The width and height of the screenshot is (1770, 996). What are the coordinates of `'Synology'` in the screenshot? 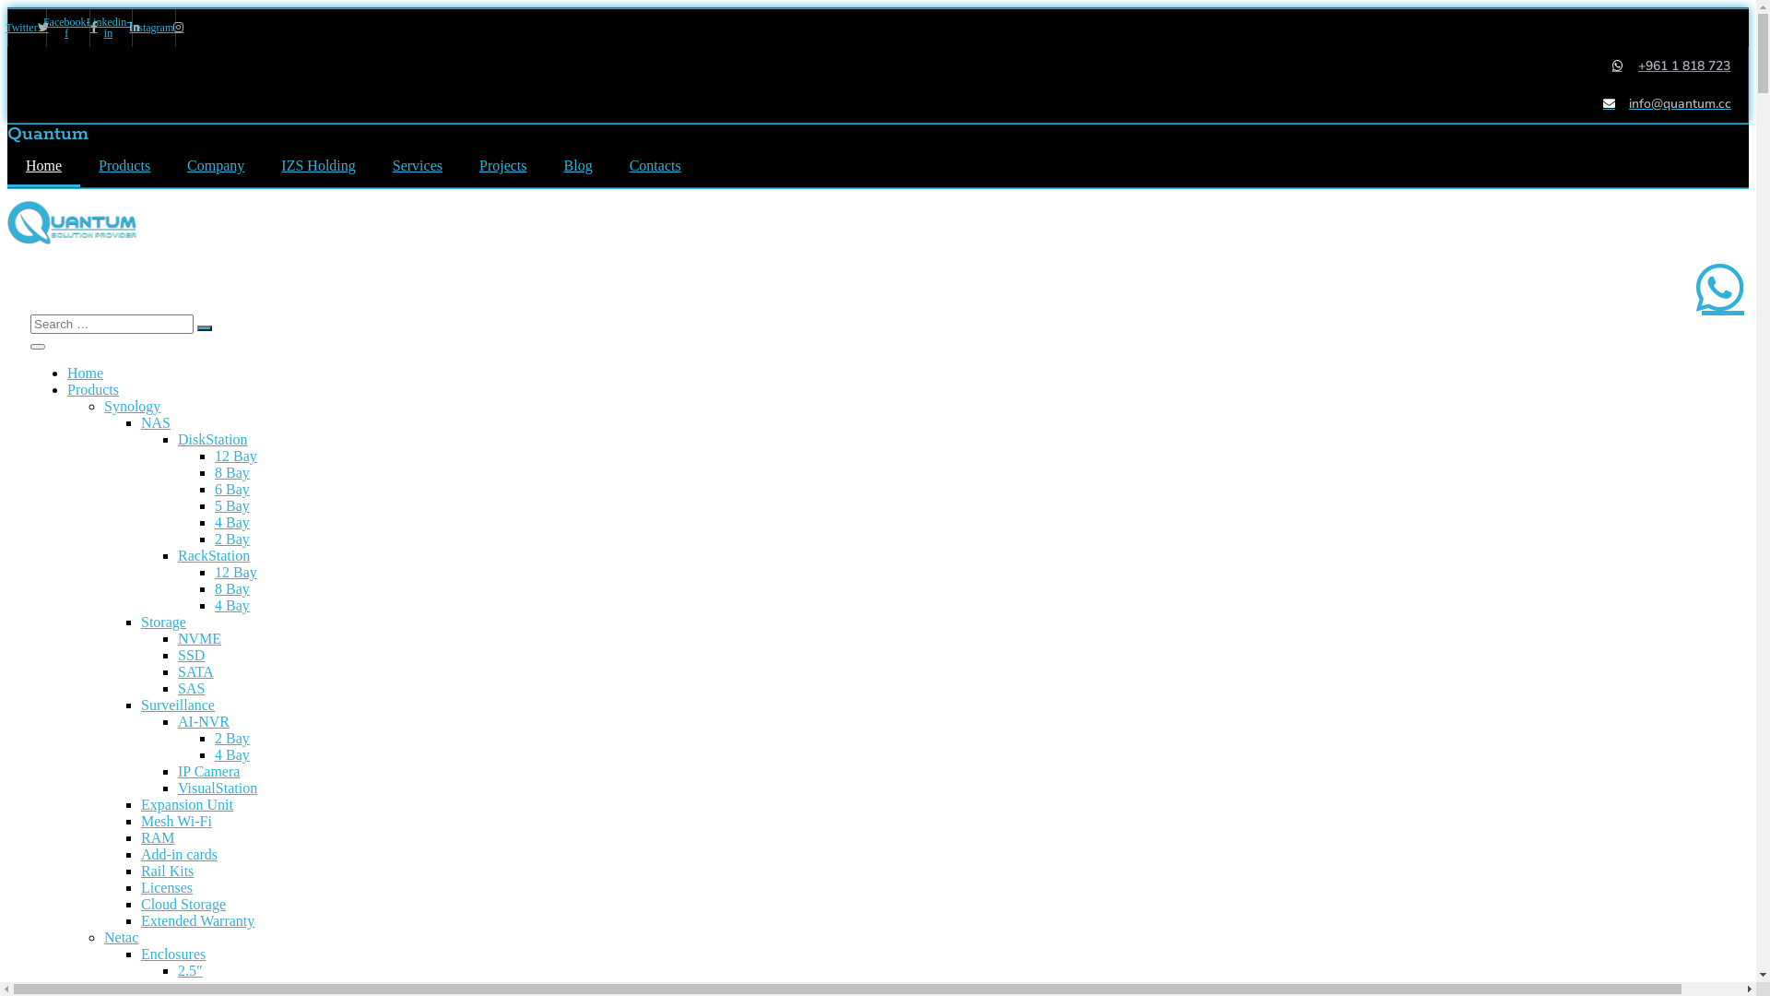 It's located at (103, 405).